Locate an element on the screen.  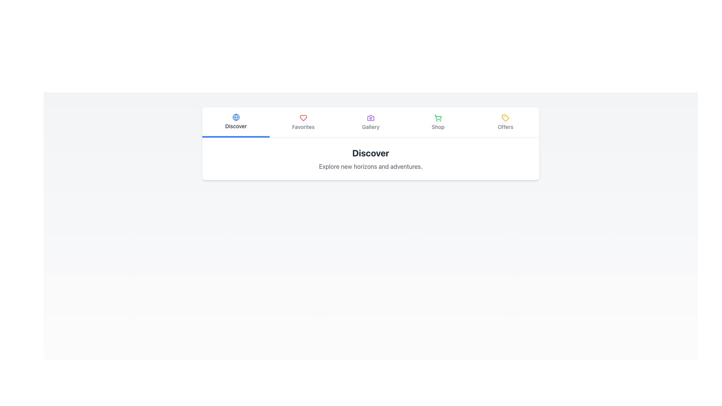
the 'Discover' button with a blue globe icon above it, which is the leftmost button in the navigation bar, to trigger visual feedback is located at coordinates (235, 122).